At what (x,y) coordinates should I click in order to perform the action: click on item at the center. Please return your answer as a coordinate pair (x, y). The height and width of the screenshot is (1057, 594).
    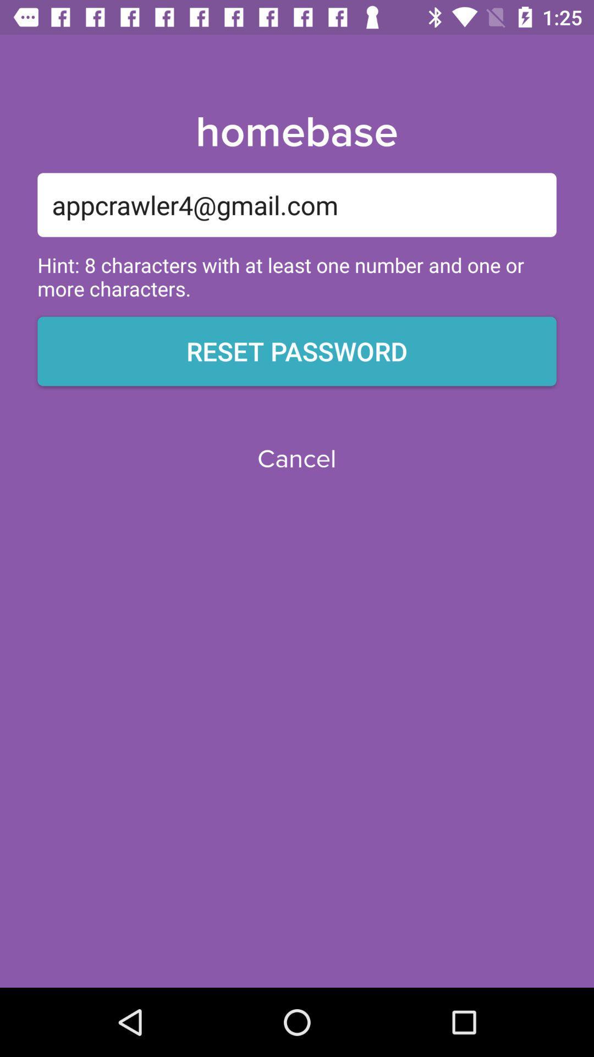
    Looking at the image, I should click on (296, 459).